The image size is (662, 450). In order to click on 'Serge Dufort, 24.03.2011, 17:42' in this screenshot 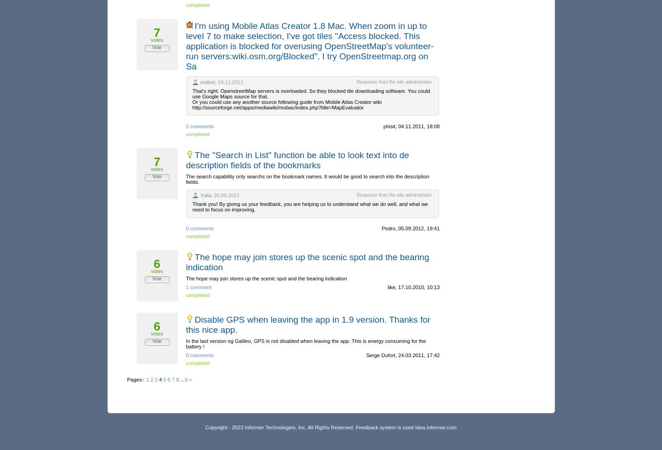, I will do `click(402, 355)`.